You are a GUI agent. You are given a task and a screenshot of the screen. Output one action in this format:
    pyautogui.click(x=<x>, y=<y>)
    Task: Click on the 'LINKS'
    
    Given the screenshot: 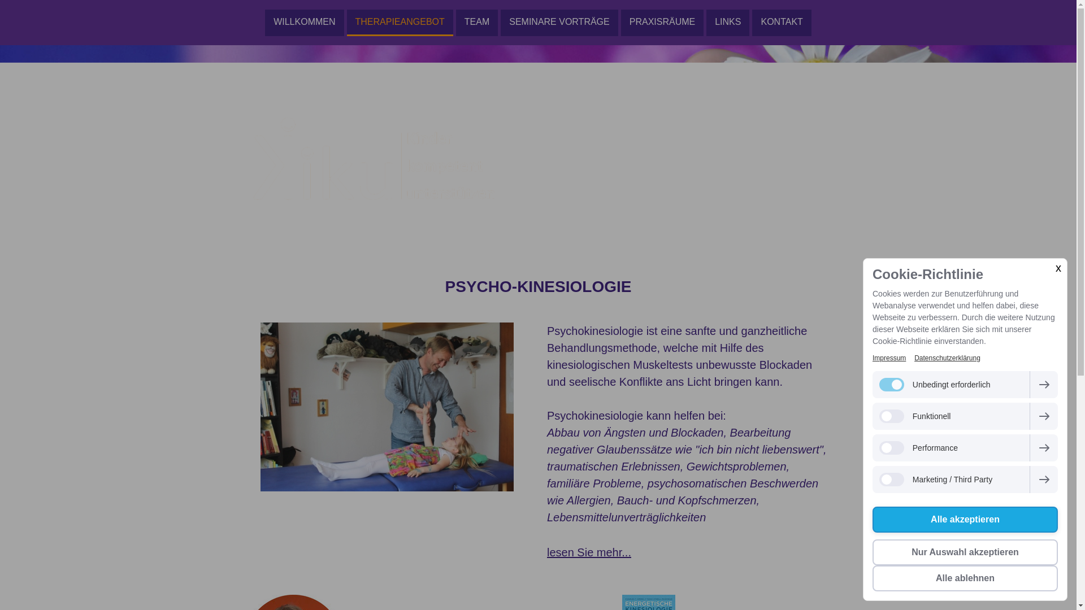 What is the action you would take?
    pyautogui.click(x=727, y=22)
    